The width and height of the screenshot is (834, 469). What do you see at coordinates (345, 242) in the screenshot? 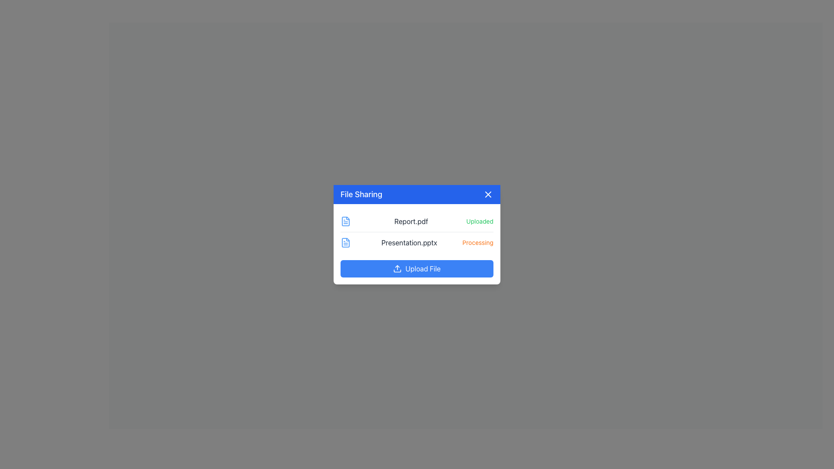
I see `the icon representing the file type for 'Presentation.pptx', which is located to the left of the file name in the same row` at bounding box center [345, 242].